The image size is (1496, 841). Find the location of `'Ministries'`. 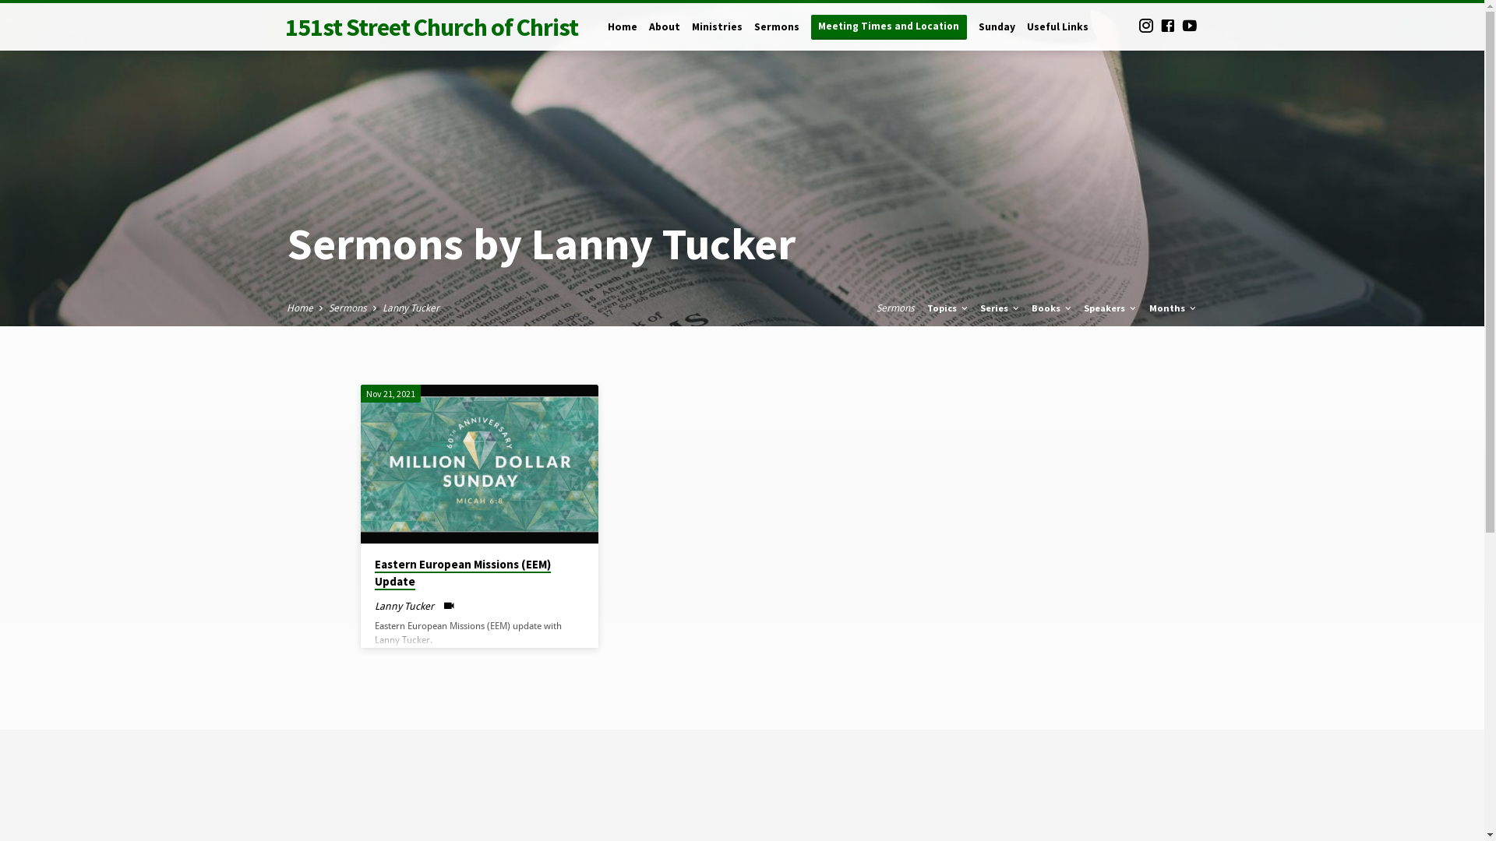

'Ministries' is located at coordinates (716, 36).